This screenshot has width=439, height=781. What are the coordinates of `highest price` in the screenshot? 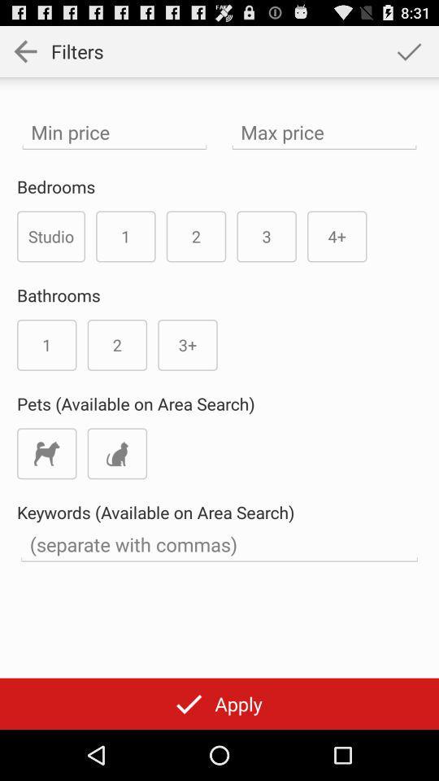 It's located at (324, 131).